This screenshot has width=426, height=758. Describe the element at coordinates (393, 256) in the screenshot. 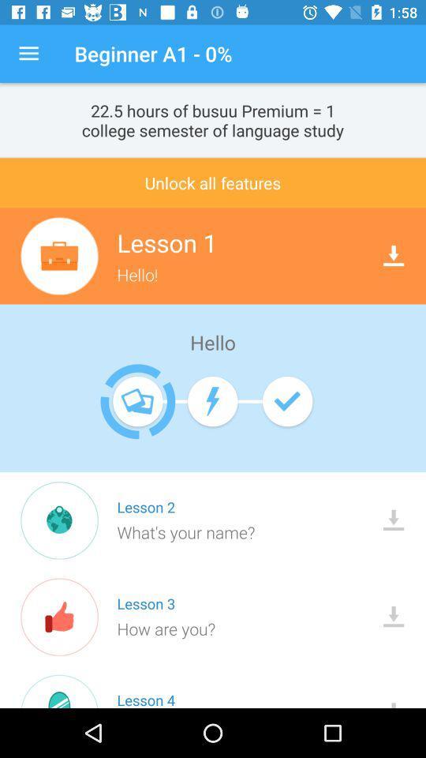

I see `download icon` at that location.